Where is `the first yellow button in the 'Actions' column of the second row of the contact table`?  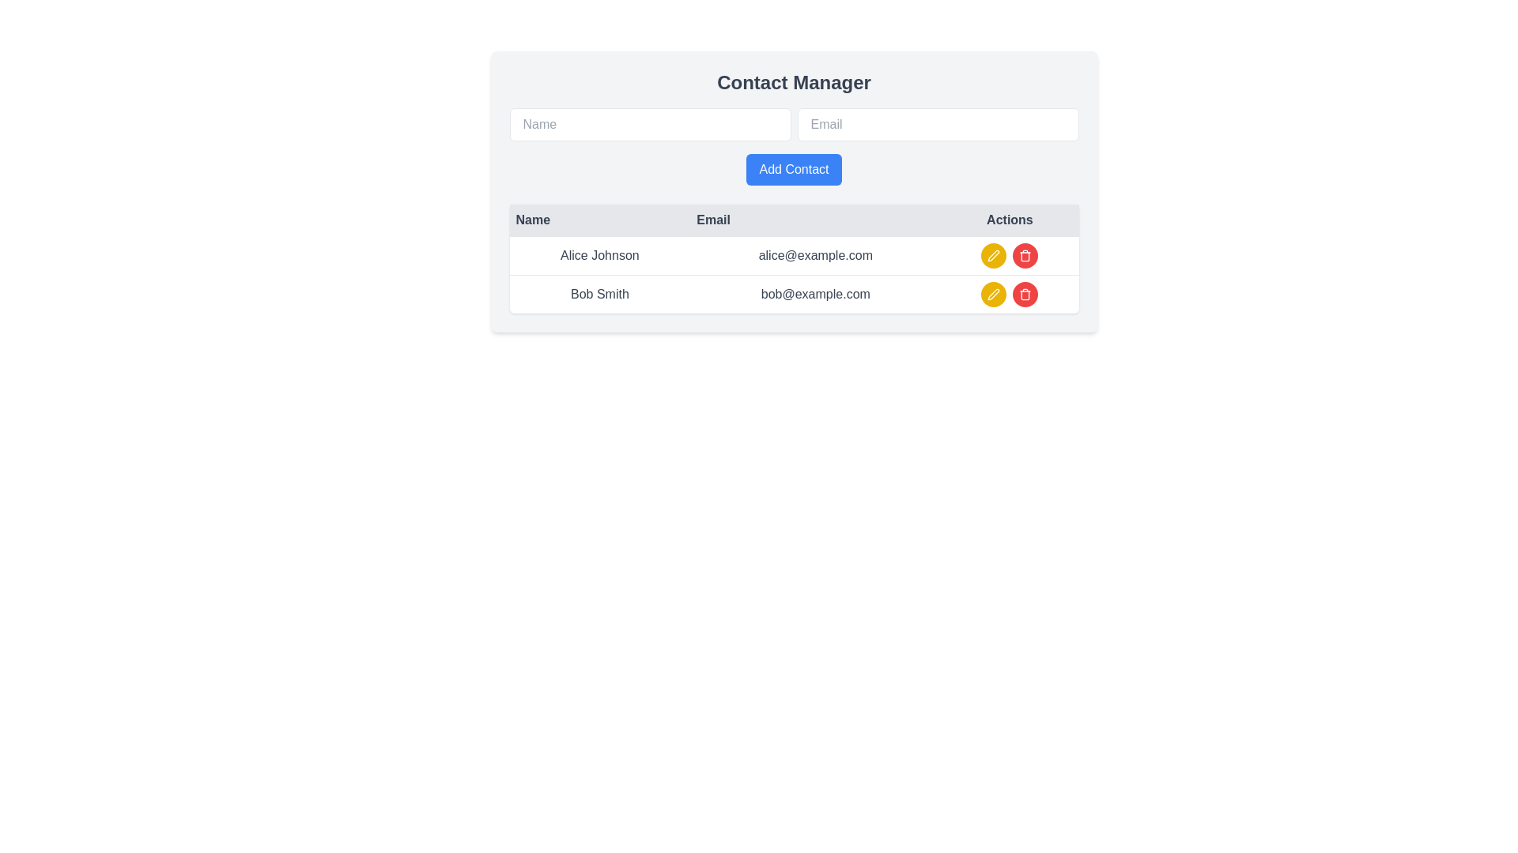 the first yellow button in the 'Actions' column of the second row of the contact table is located at coordinates (993, 295).